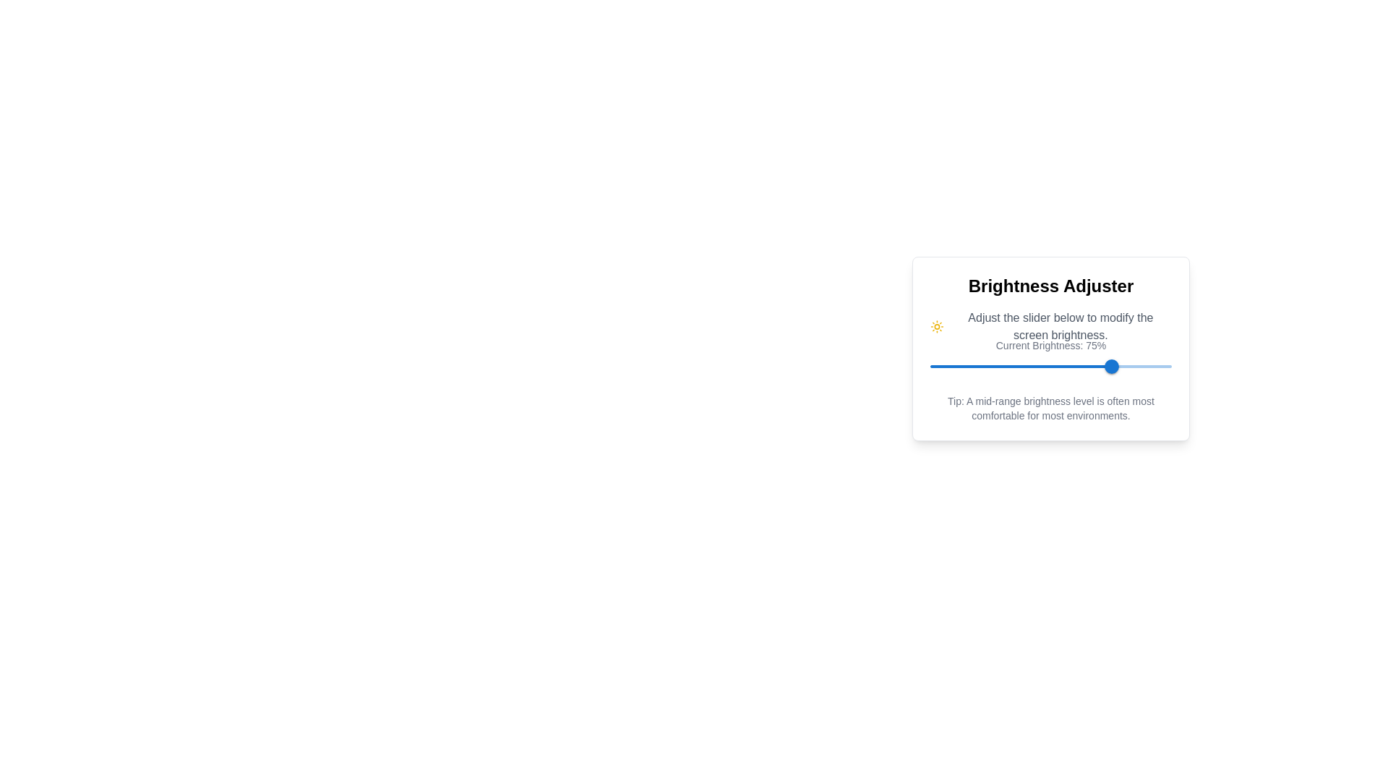 This screenshot has height=781, width=1388. Describe the element at coordinates (1071, 365) in the screenshot. I see `brightness` at that location.